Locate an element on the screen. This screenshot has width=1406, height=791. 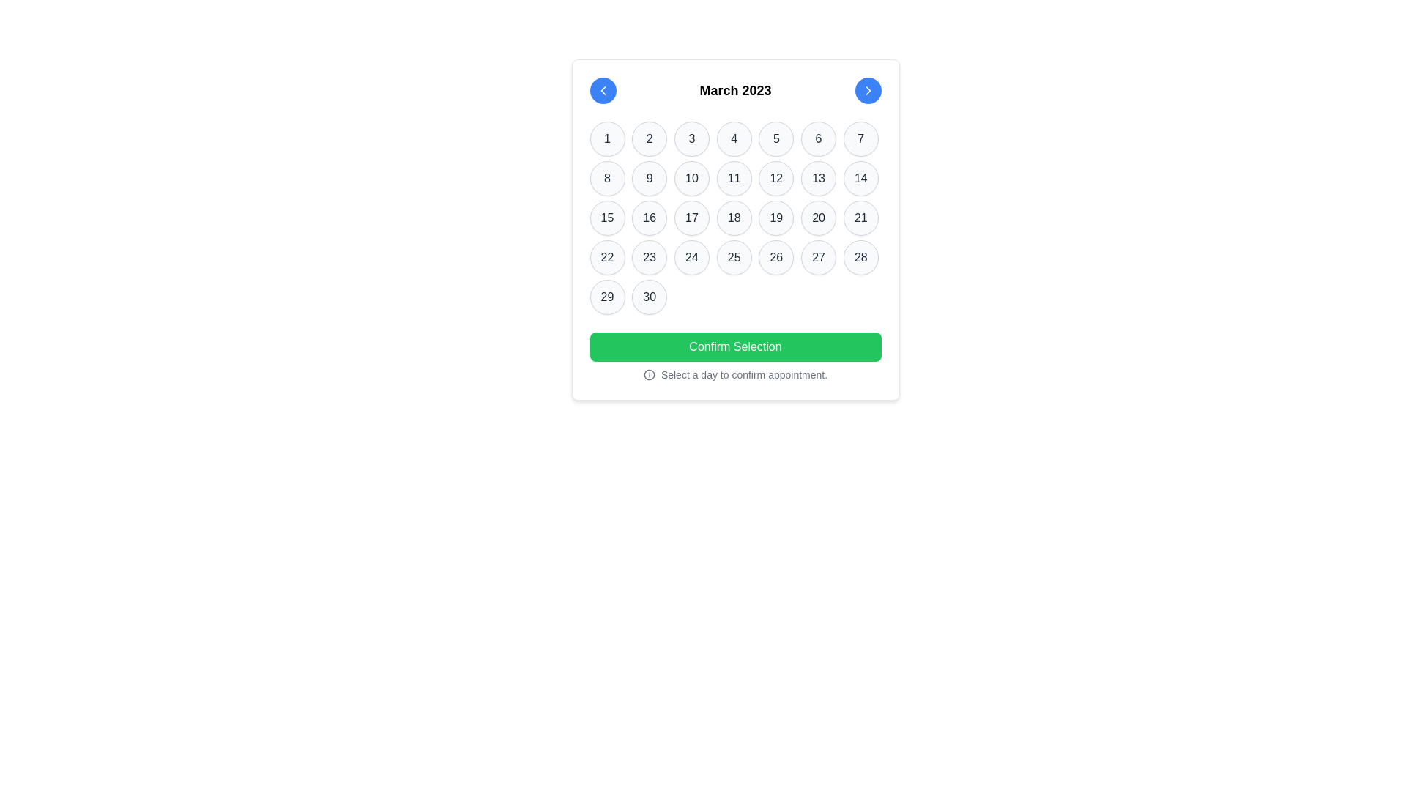
the next month navigation button in the calendar view by is located at coordinates (868, 90).